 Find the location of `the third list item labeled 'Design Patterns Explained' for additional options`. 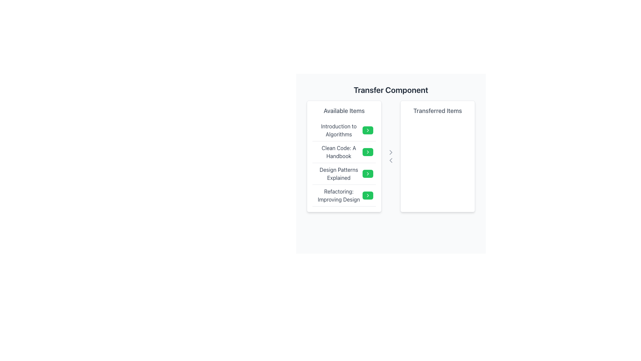

the third list item labeled 'Design Patterns Explained' for additional options is located at coordinates (344, 173).